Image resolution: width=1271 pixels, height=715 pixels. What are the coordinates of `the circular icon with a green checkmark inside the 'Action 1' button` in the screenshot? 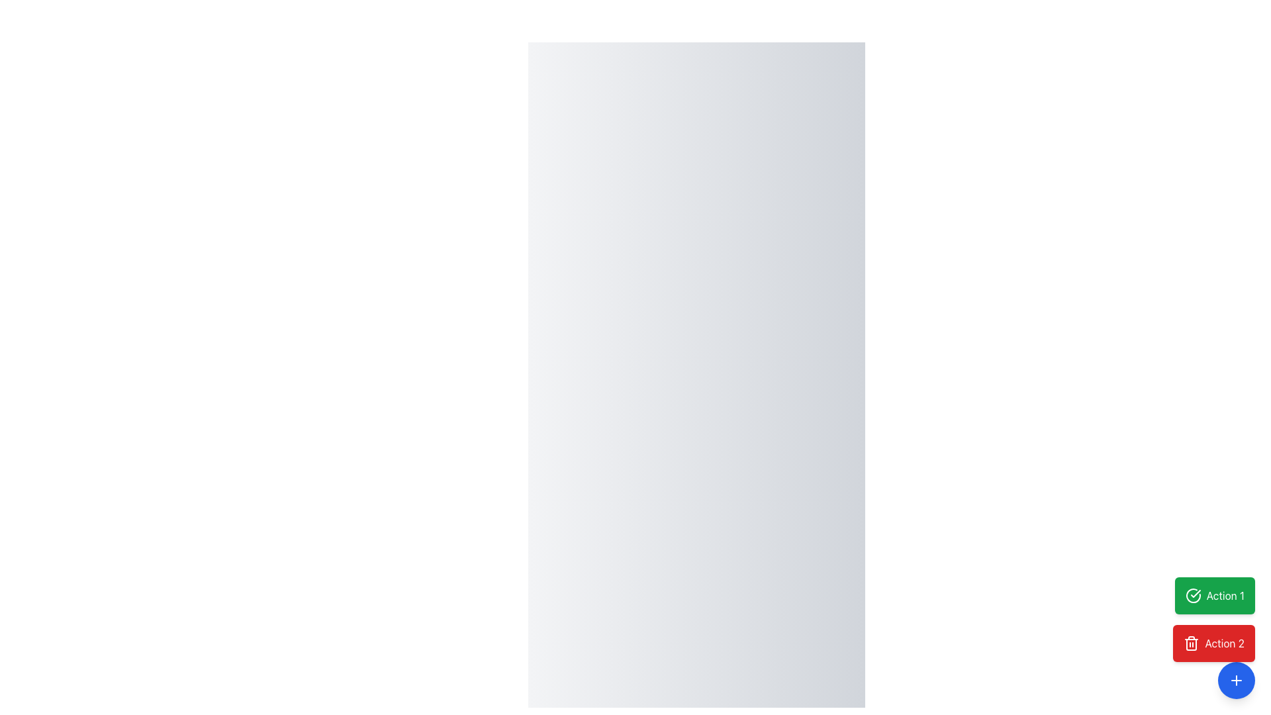 It's located at (1193, 595).